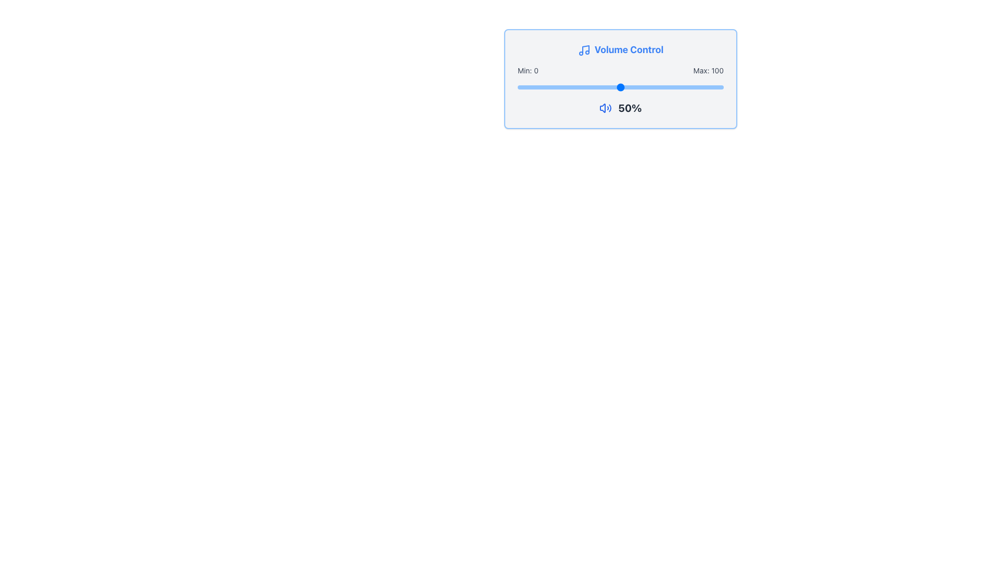 This screenshot has width=999, height=562. Describe the element at coordinates (621, 78) in the screenshot. I see `the Volume control slider, which features a light gray background, a title 'Volume Control', labels 'Min: 0' and 'Max: 100', a blue thumb slider at 50%, and a percentage display '50%' with a loudspeaker icon` at that location.